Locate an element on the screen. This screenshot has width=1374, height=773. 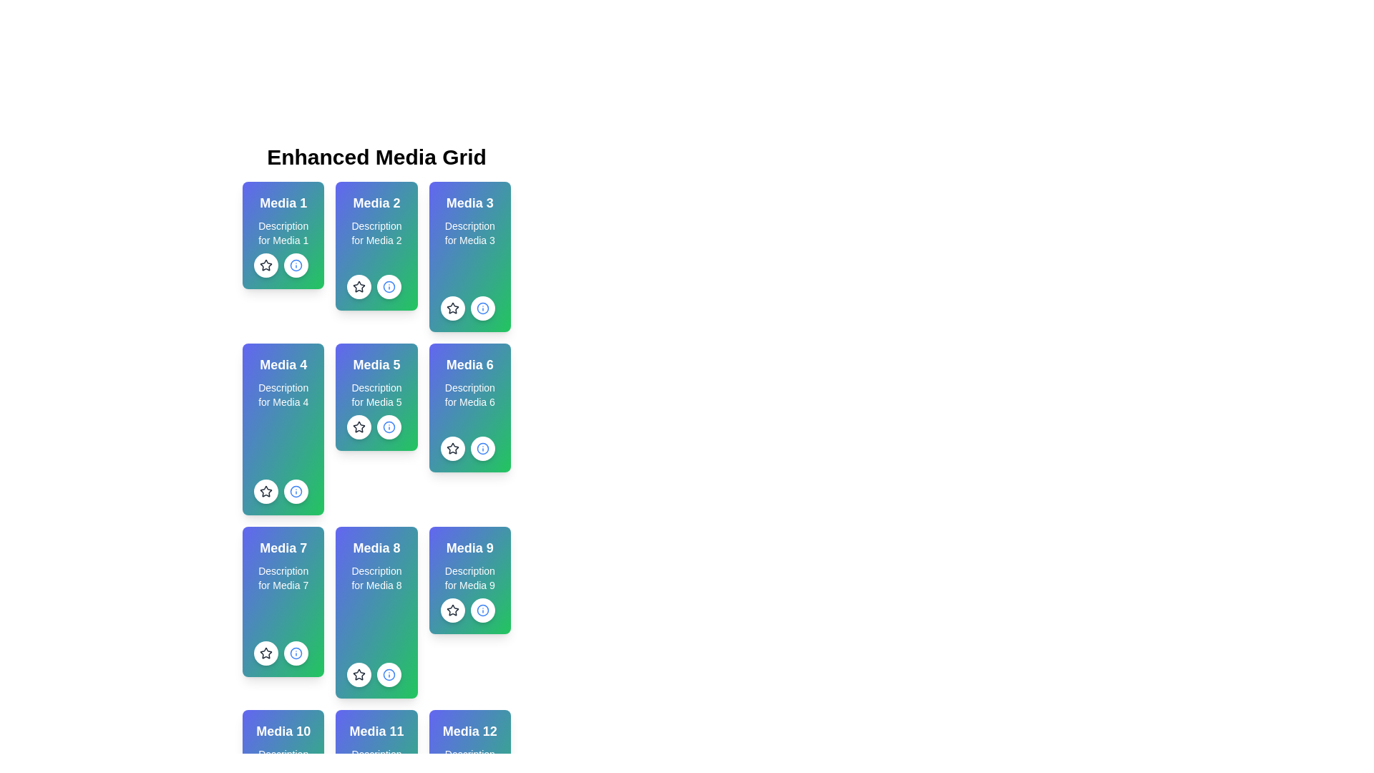
the star icon styled as an outline of a star, which is the first star icon in the third column of the grid layout is located at coordinates (452, 307).